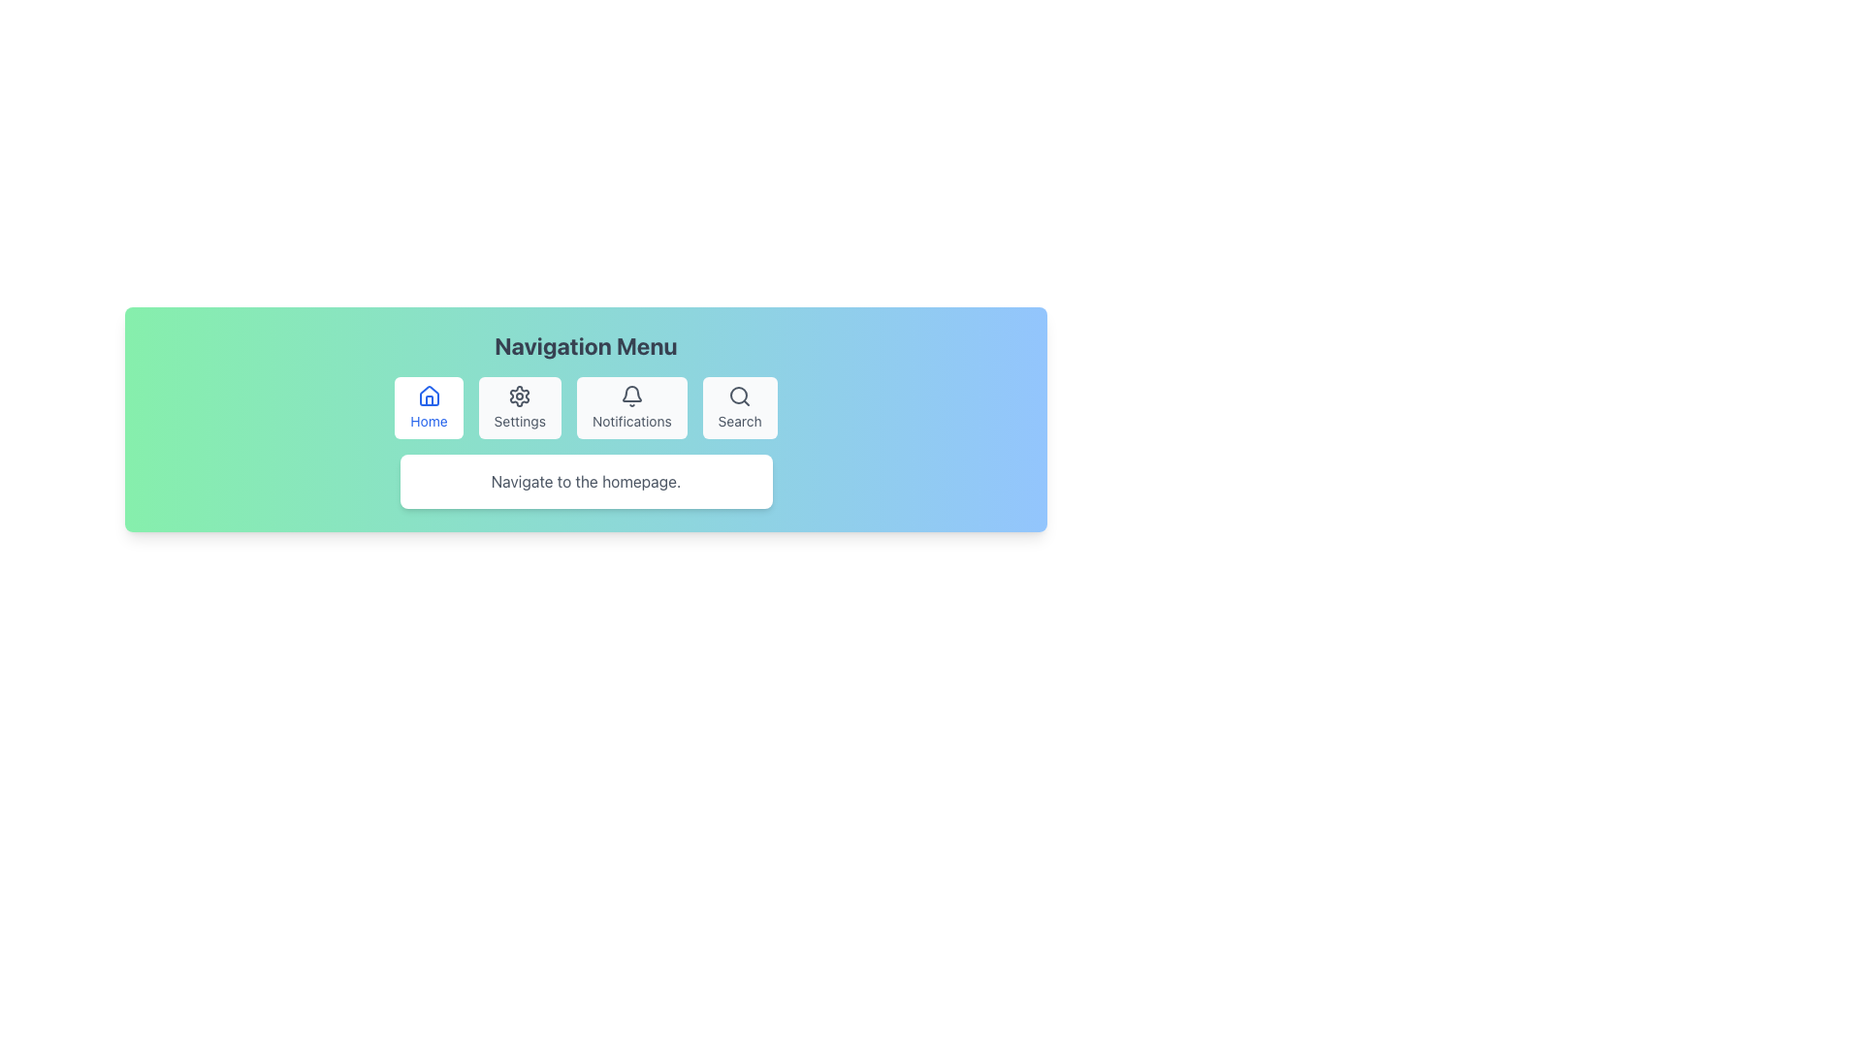  I want to click on the 'Settings' button in the navigation menu, which is the second button from the left, to access the settings options, so click(520, 395).